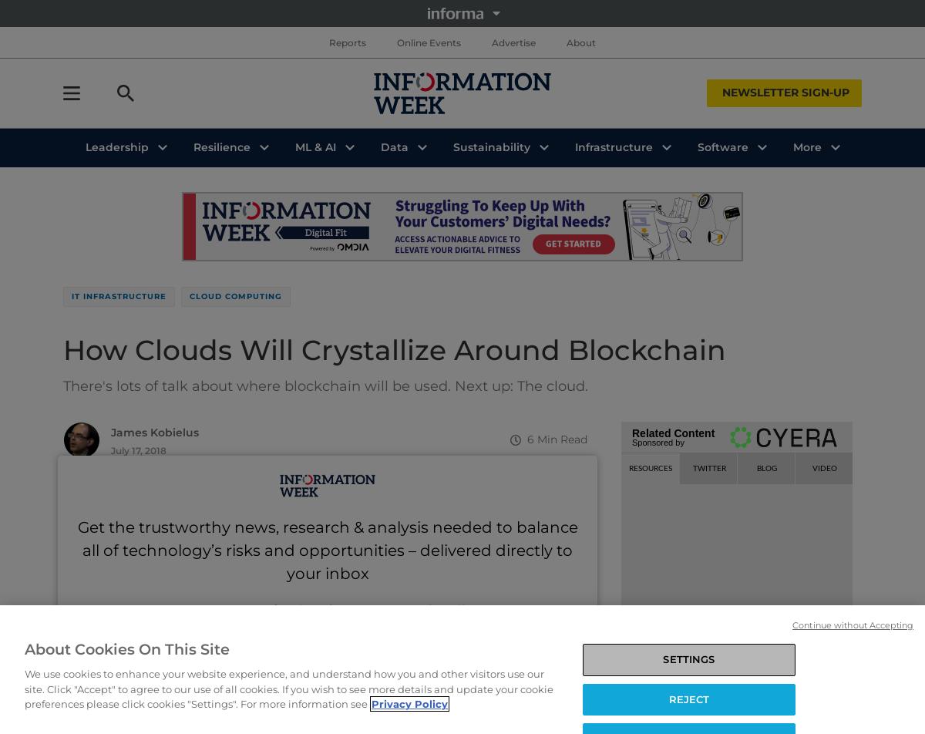  I want to click on 'How Clouds Will Crystallize Around Blockchain', so click(394, 350).